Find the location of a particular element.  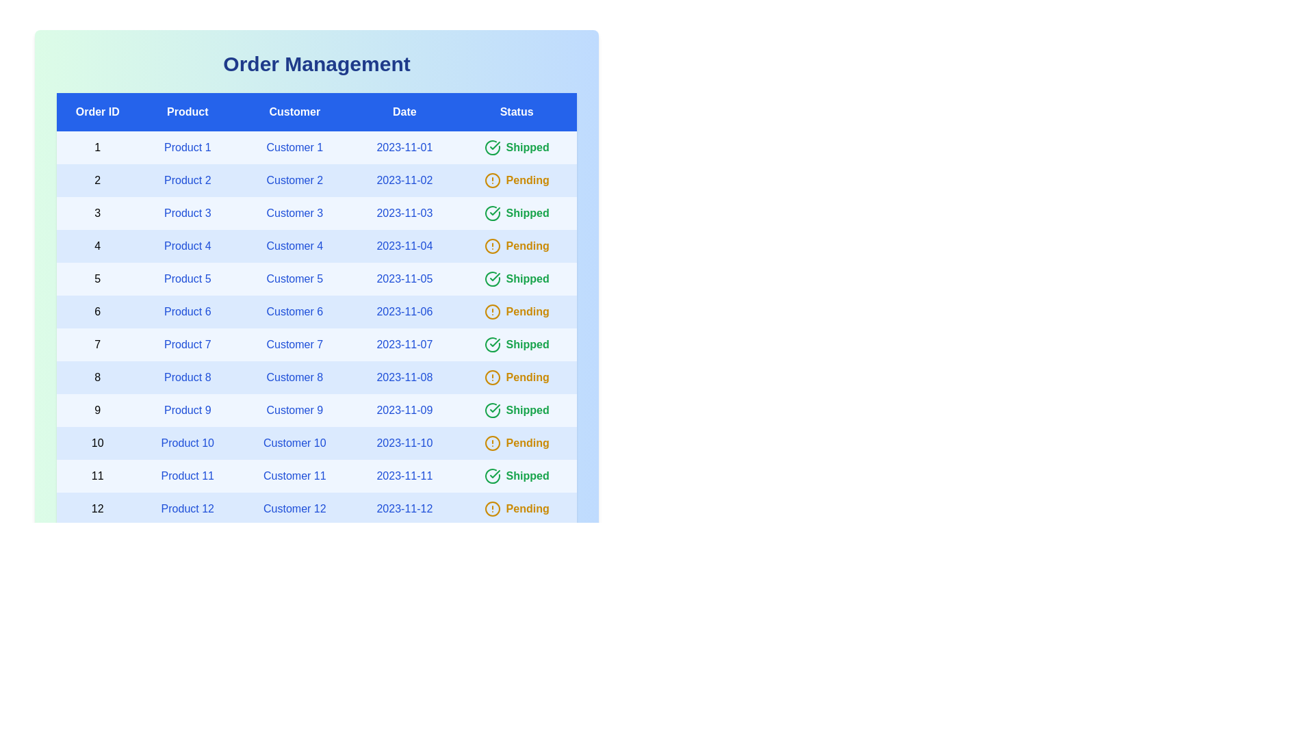

the column header to sort the table by Date is located at coordinates (403, 112).